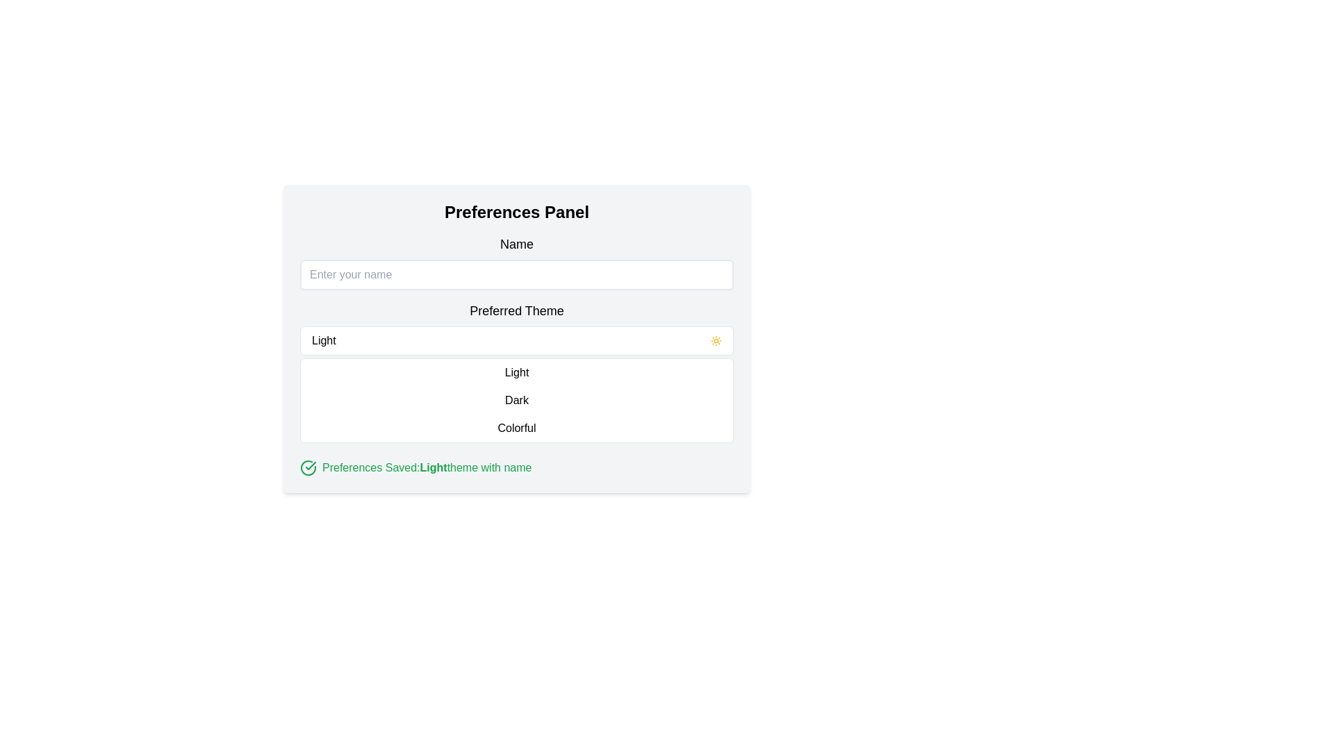  What do you see at coordinates (516, 372) in the screenshot?
I see `the current theme in the Dropdown menu` at bounding box center [516, 372].